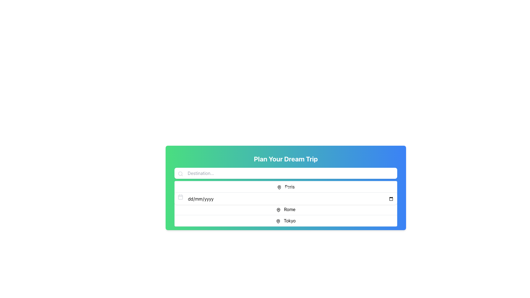 The height and width of the screenshot is (298, 530). I want to click on the location pin icon in the destination picker field, which is located to the left of the text 'Paris', so click(279, 187).